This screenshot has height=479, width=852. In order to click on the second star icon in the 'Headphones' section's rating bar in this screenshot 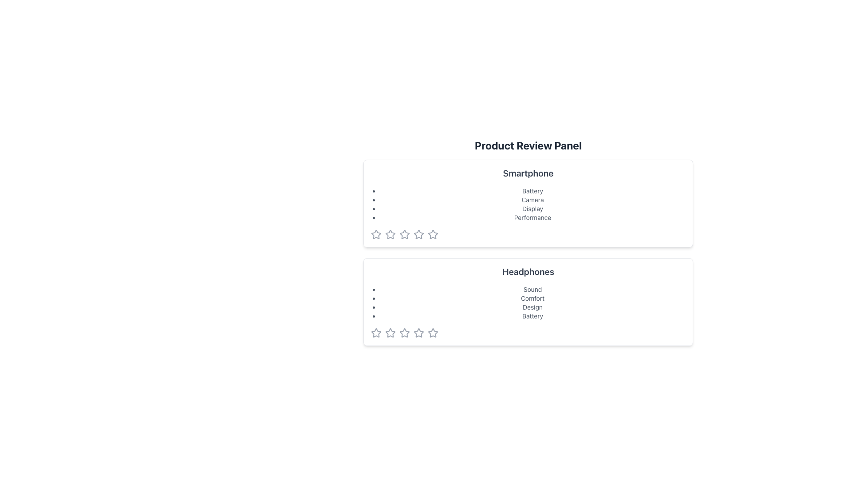, I will do `click(390, 333)`.